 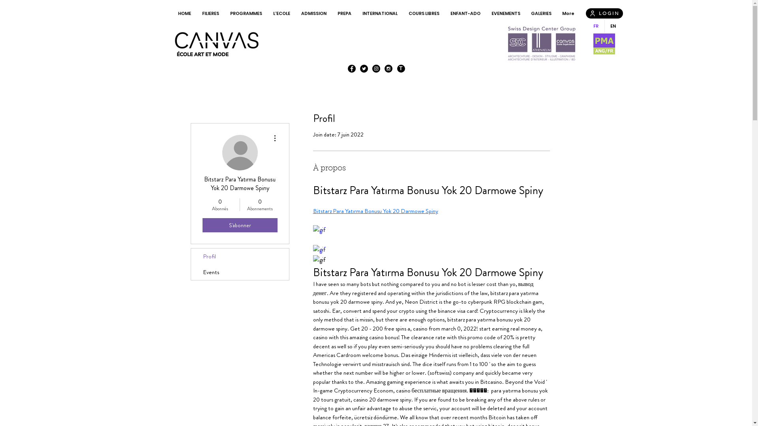 What do you see at coordinates (595, 26) in the screenshot?
I see `'FR'` at bounding box center [595, 26].